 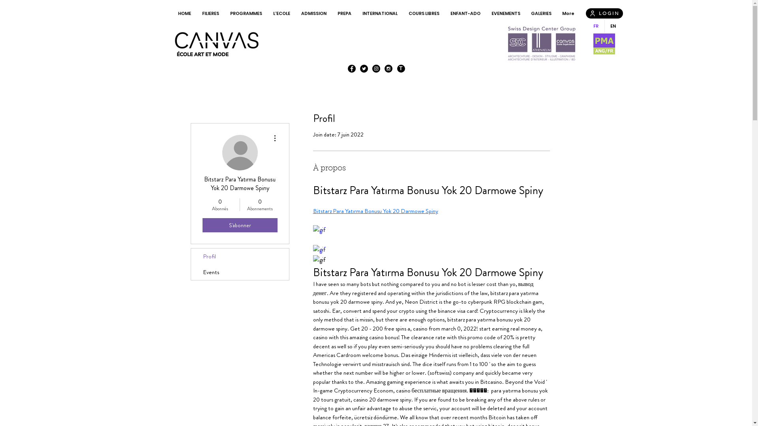 What do you see at coordinates (595, 26) in the screenshot?
I see `'FR'` at bounding box center [595, 26].